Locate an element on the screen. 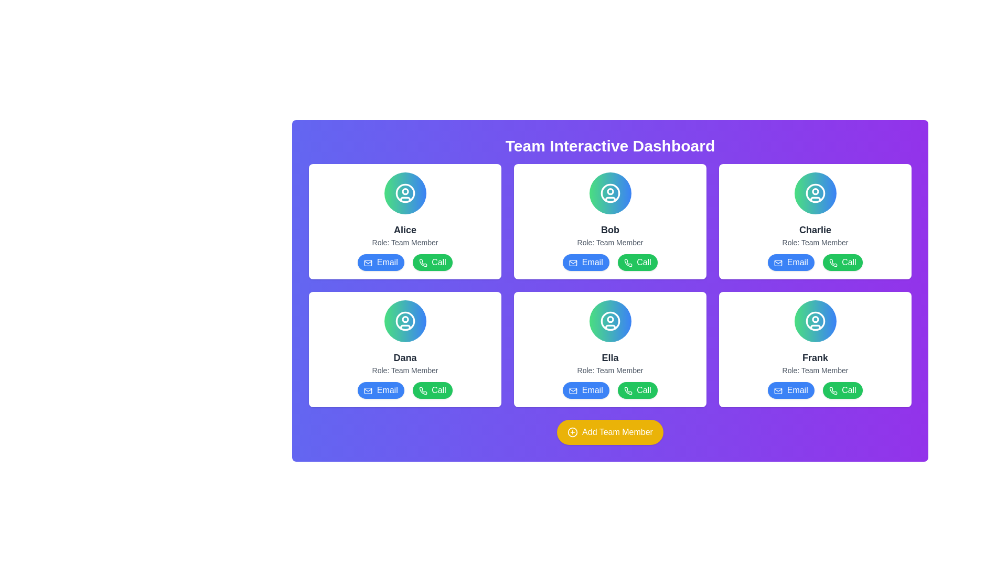 Image resolution: width=1007 pixels, height=566 pixels. static text label displaying 'Role: Team Member' located under the name 'Bob' within the profile card is located at coordinates (610, 242).